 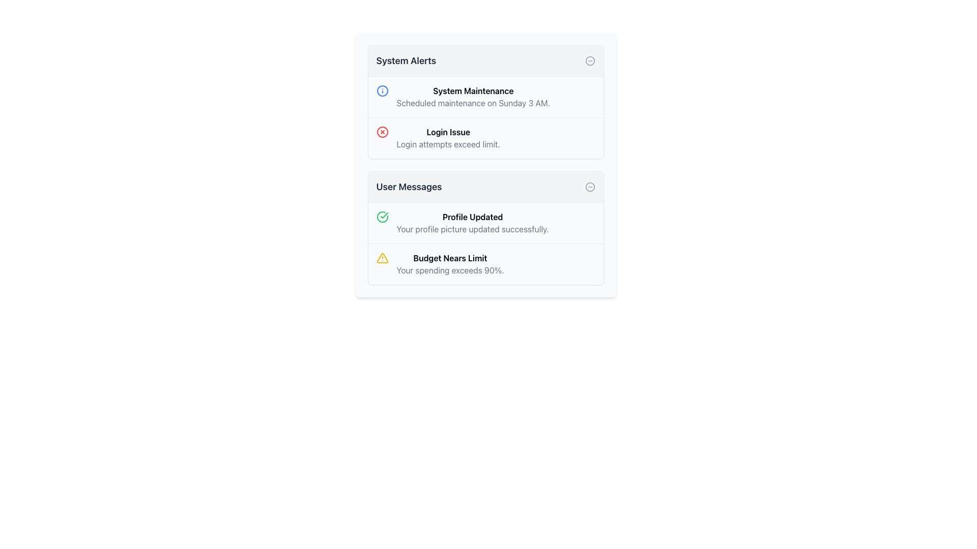 What do you see at coordinates (590, 60) in the screenshot?
I see `the circular gray icon with a minus sign inside it, located on the right side of the 'System Alerts' title in the header section of the panel` at bounding box center [590, 60].